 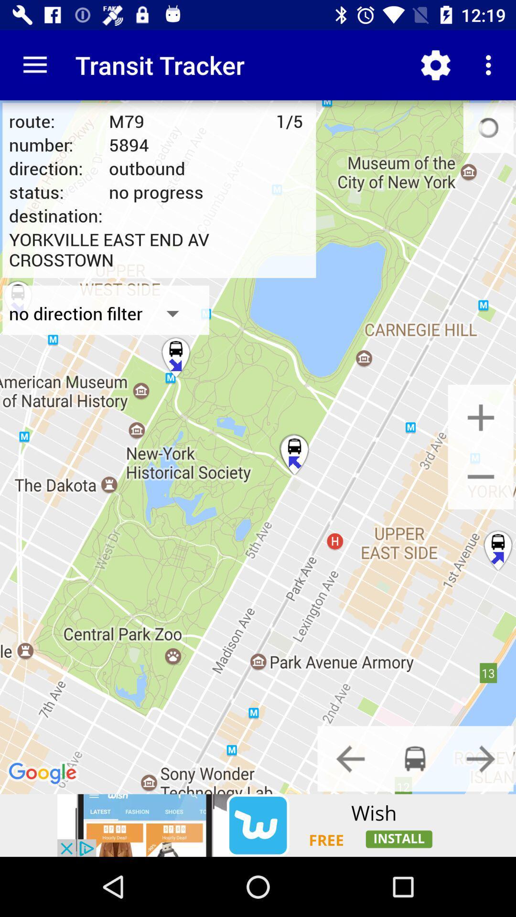 What do you see at coordinates (415, 758) in the screenshot?
I see `to find bus travel options` at bounding box center [415, 758].